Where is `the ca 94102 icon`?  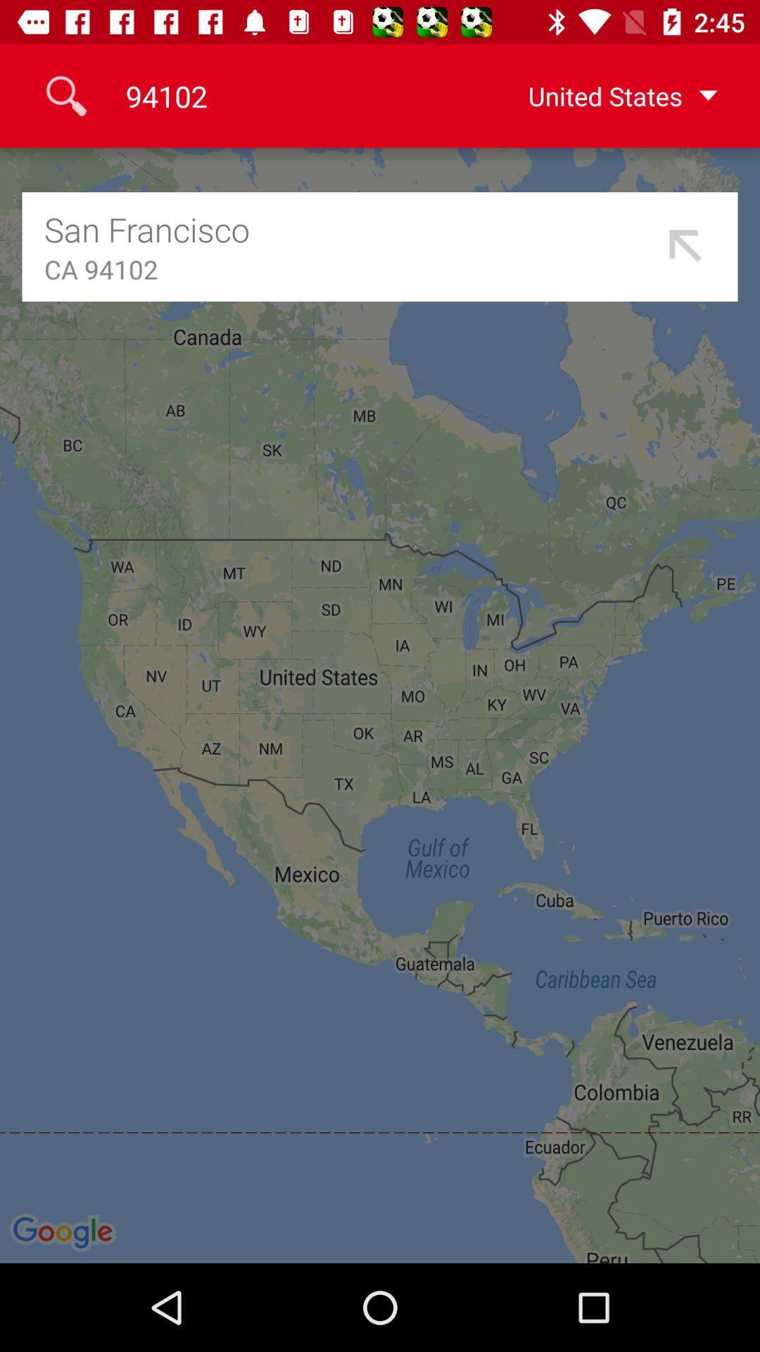
the ca 94102 icon is located at coordinates (349, 269).